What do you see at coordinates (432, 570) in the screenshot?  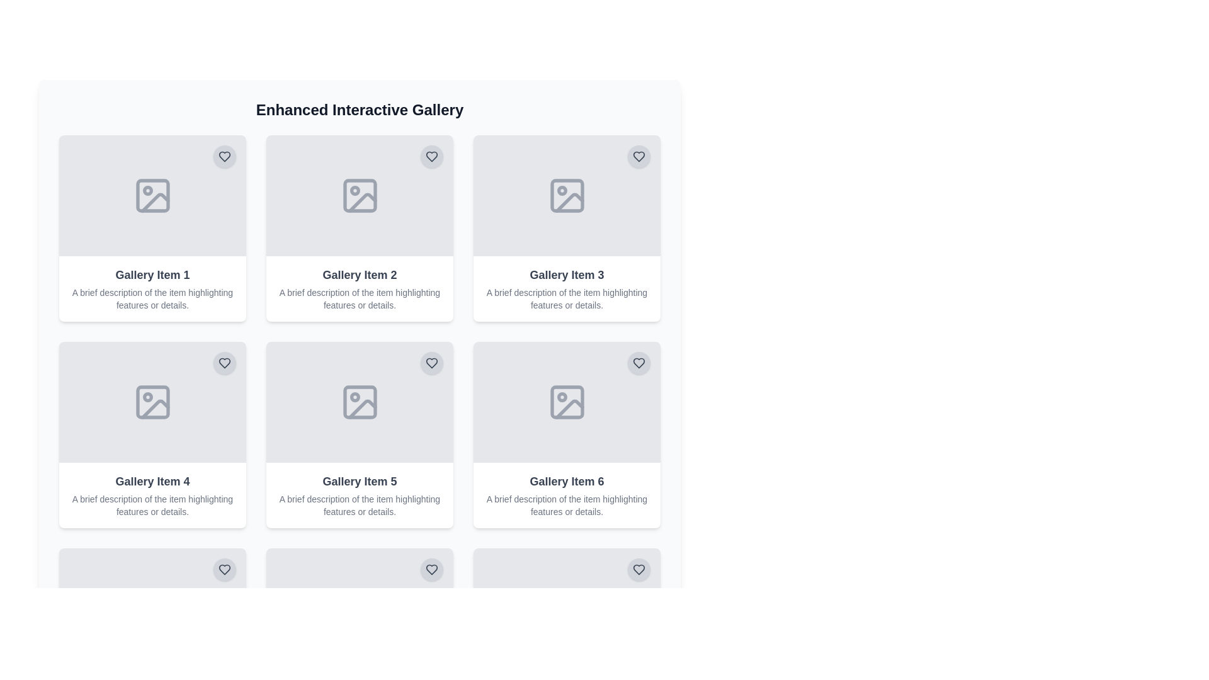 I see `the heart icon with a hollow center located in the top-right corner of 'Gallery Item 6'` at bounding box center [432, 570].